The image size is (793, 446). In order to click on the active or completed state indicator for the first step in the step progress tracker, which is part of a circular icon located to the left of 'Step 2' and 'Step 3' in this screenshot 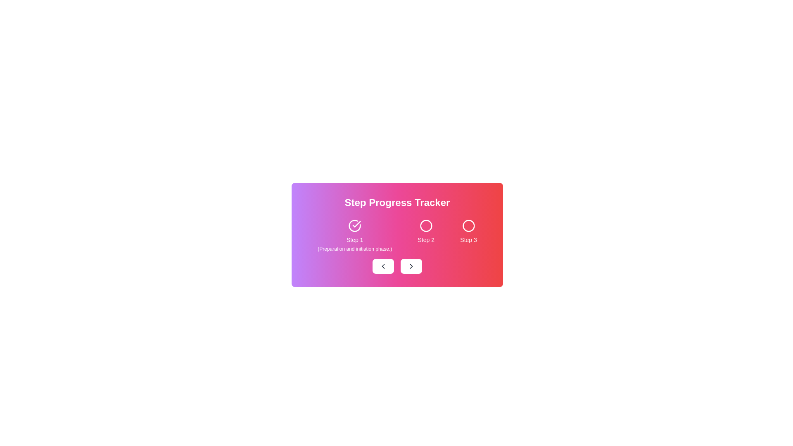, I will do `click(355, 226)`.